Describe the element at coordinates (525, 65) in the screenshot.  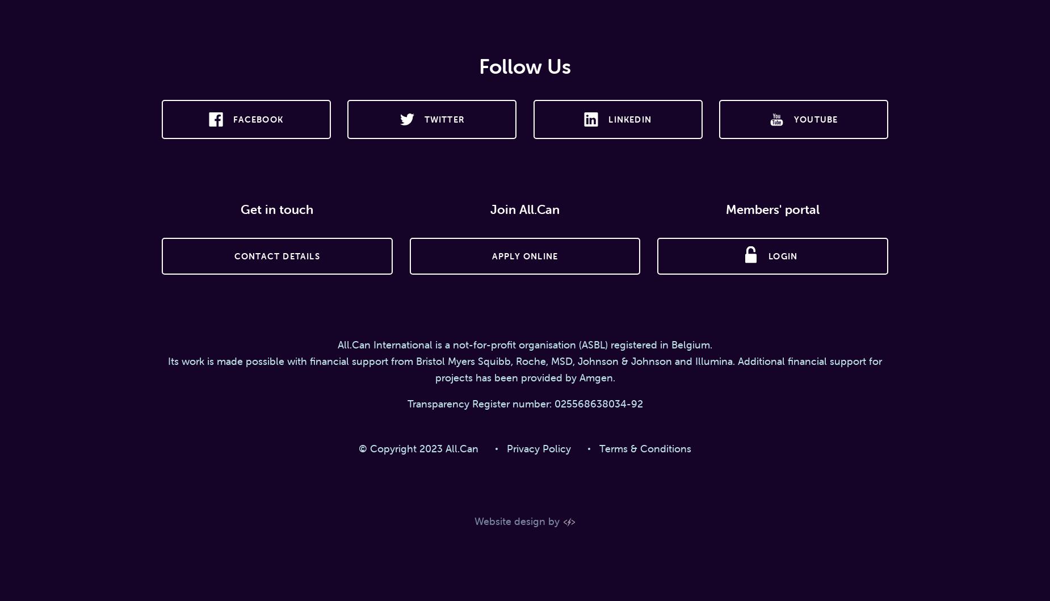
I see `'Follow Us'` at that location.